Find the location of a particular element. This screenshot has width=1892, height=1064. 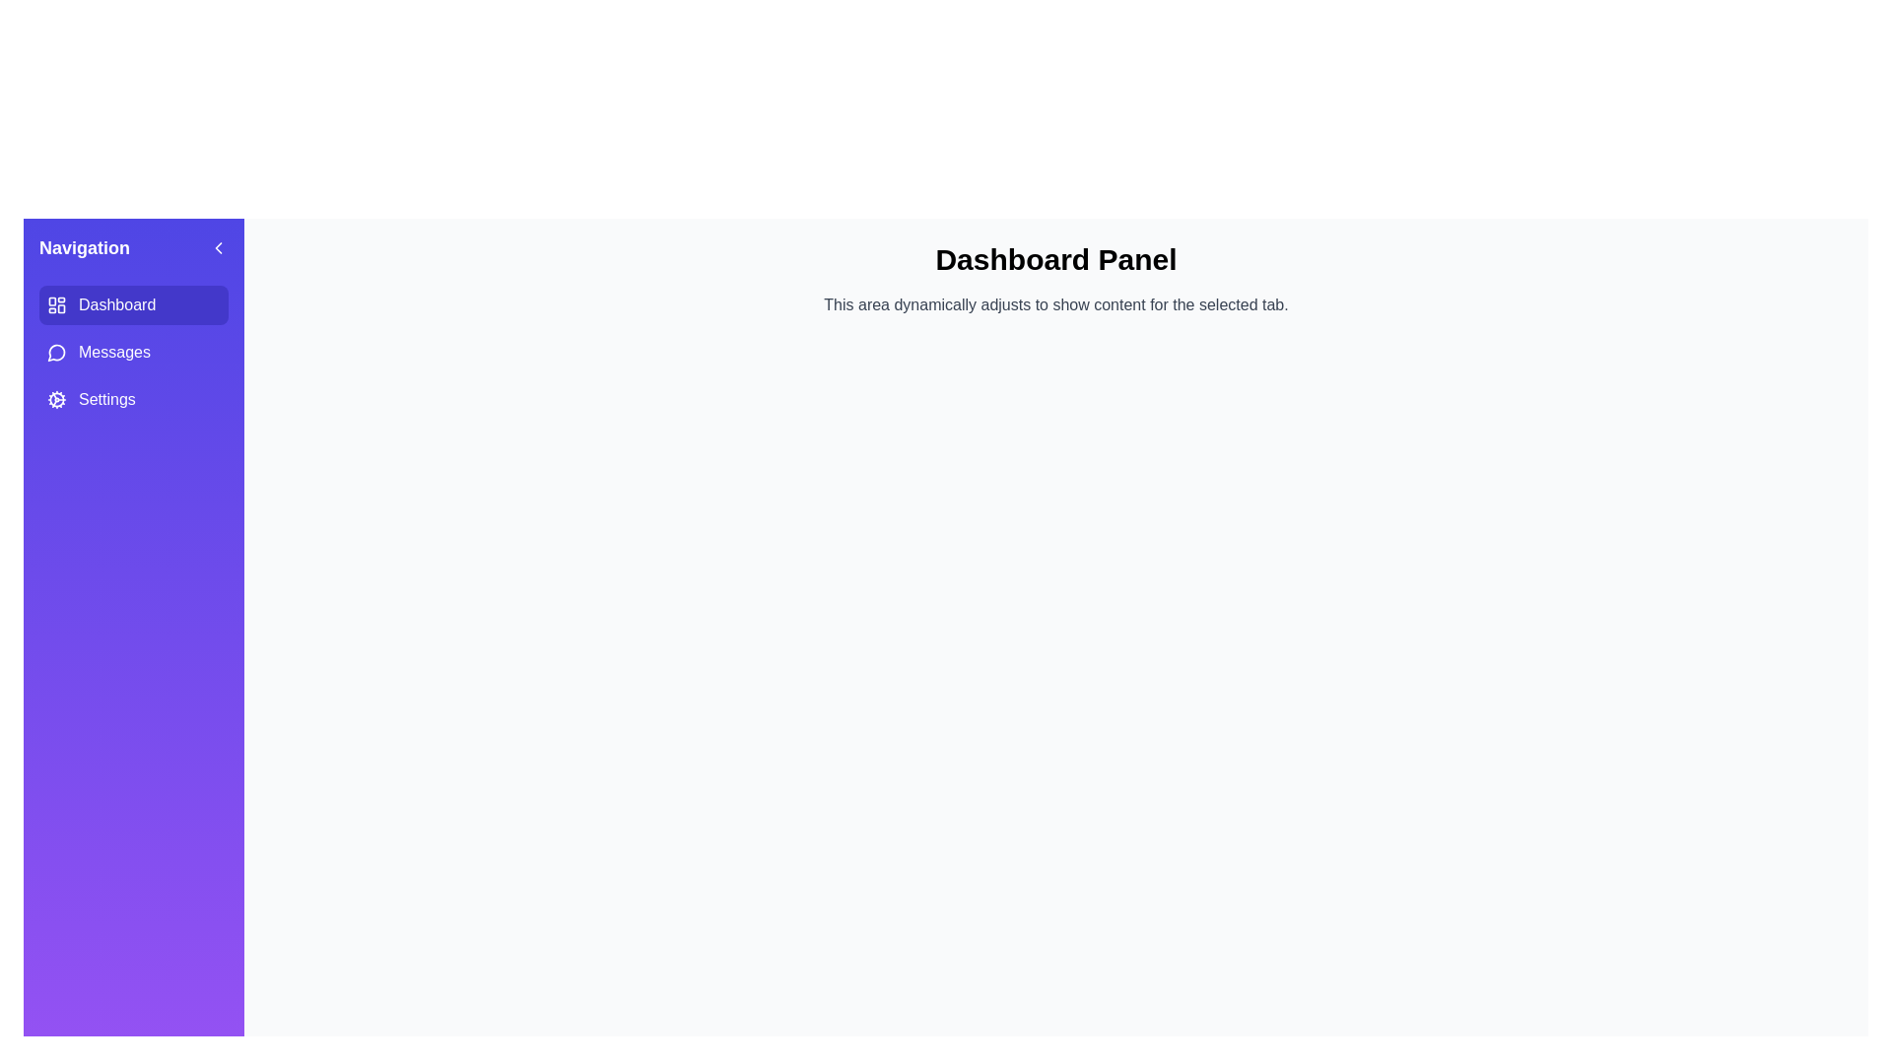

the tab labeled Messages in the navigation drawer is located at coordinates (132, 352).